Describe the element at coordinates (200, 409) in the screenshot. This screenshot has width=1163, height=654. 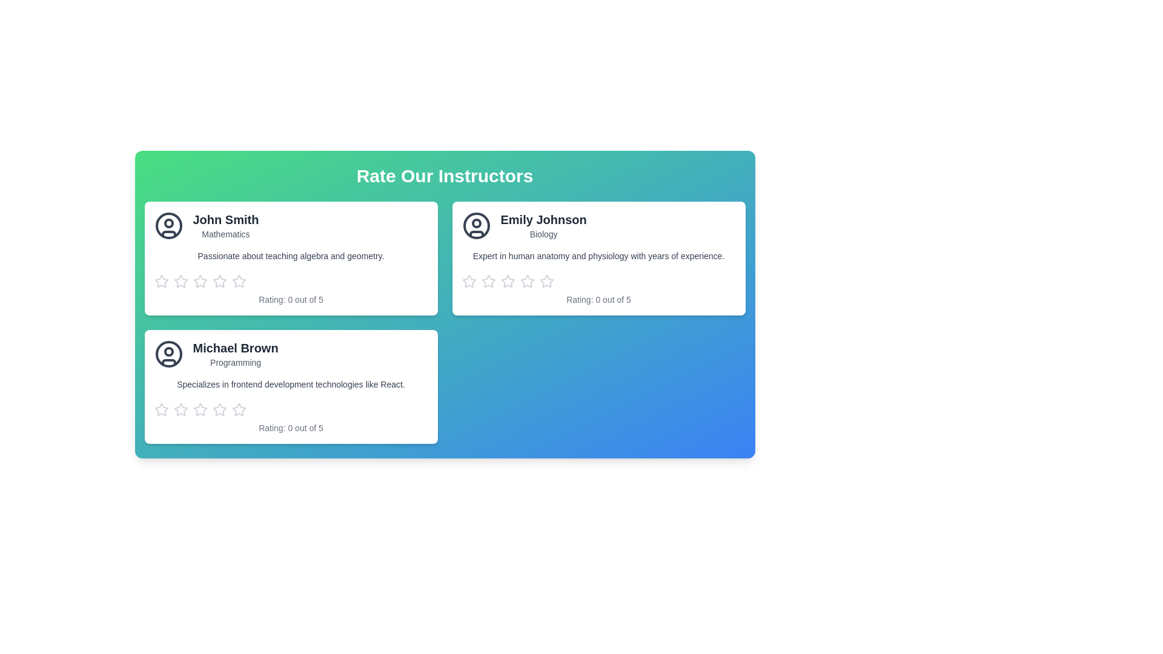
I see `the fourth rating star icon` at that location.